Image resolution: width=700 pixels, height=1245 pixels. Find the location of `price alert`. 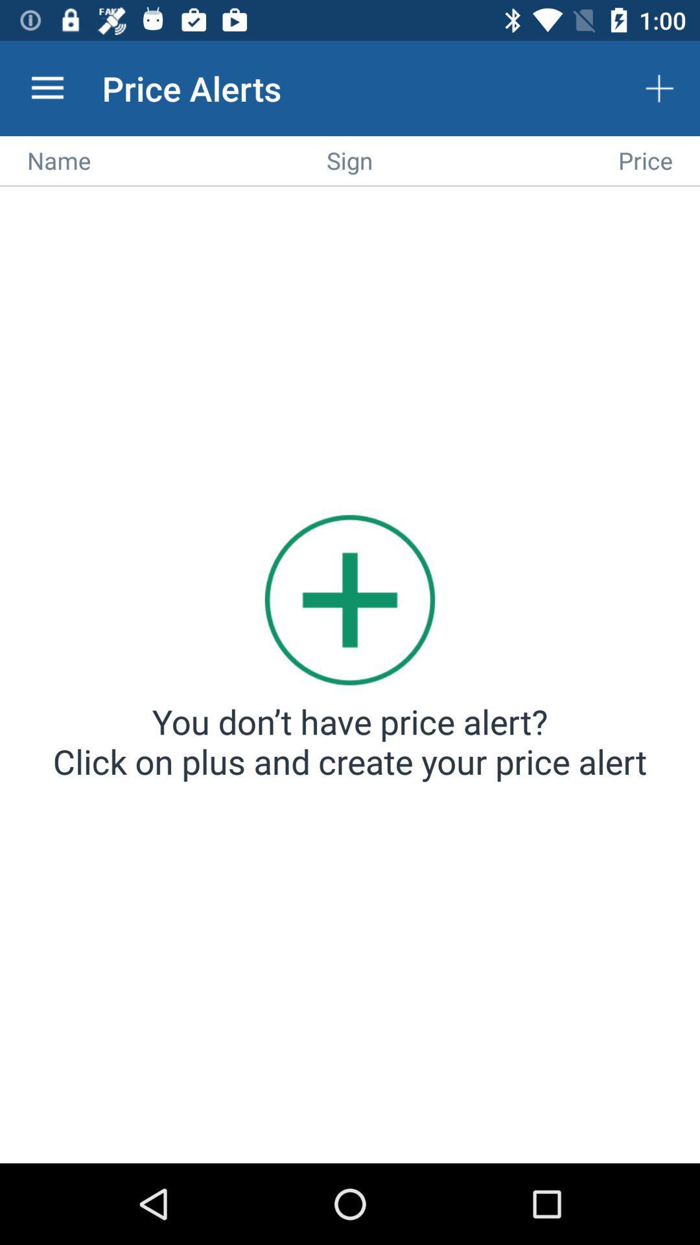

price alert is located at coordinates (350, 676).